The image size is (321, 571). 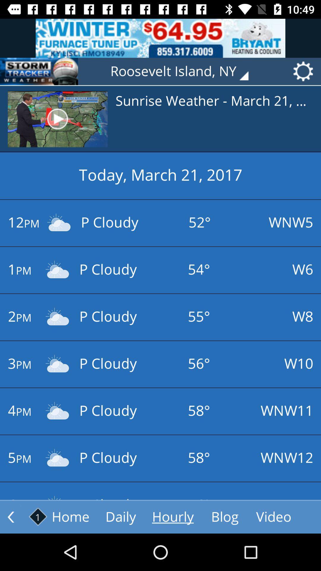 What do you see at coordinates (160, 38) in the screenshot?
I see `advertisement` at bounding box center [160, 38].